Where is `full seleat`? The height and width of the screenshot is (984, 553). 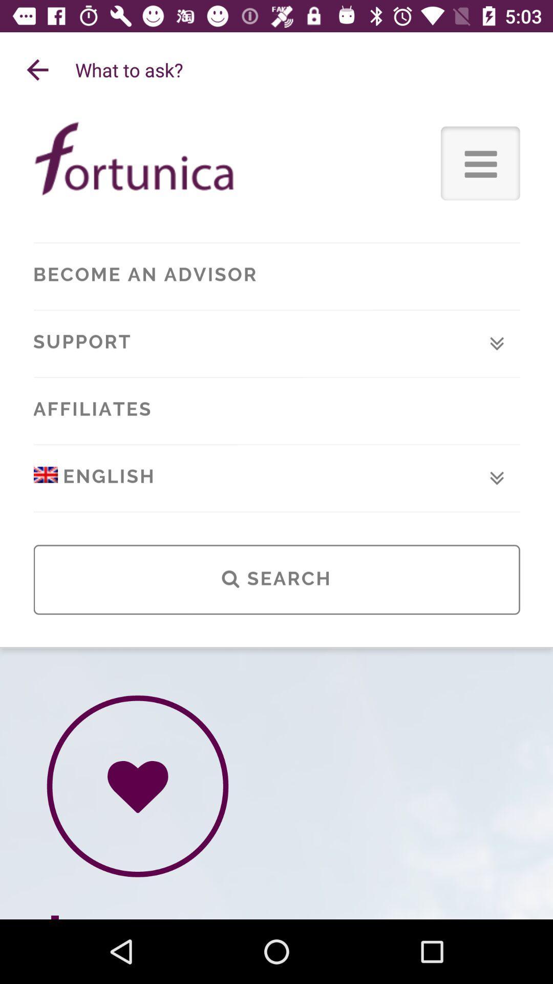
full seleat is located at coordinates (276, 514).